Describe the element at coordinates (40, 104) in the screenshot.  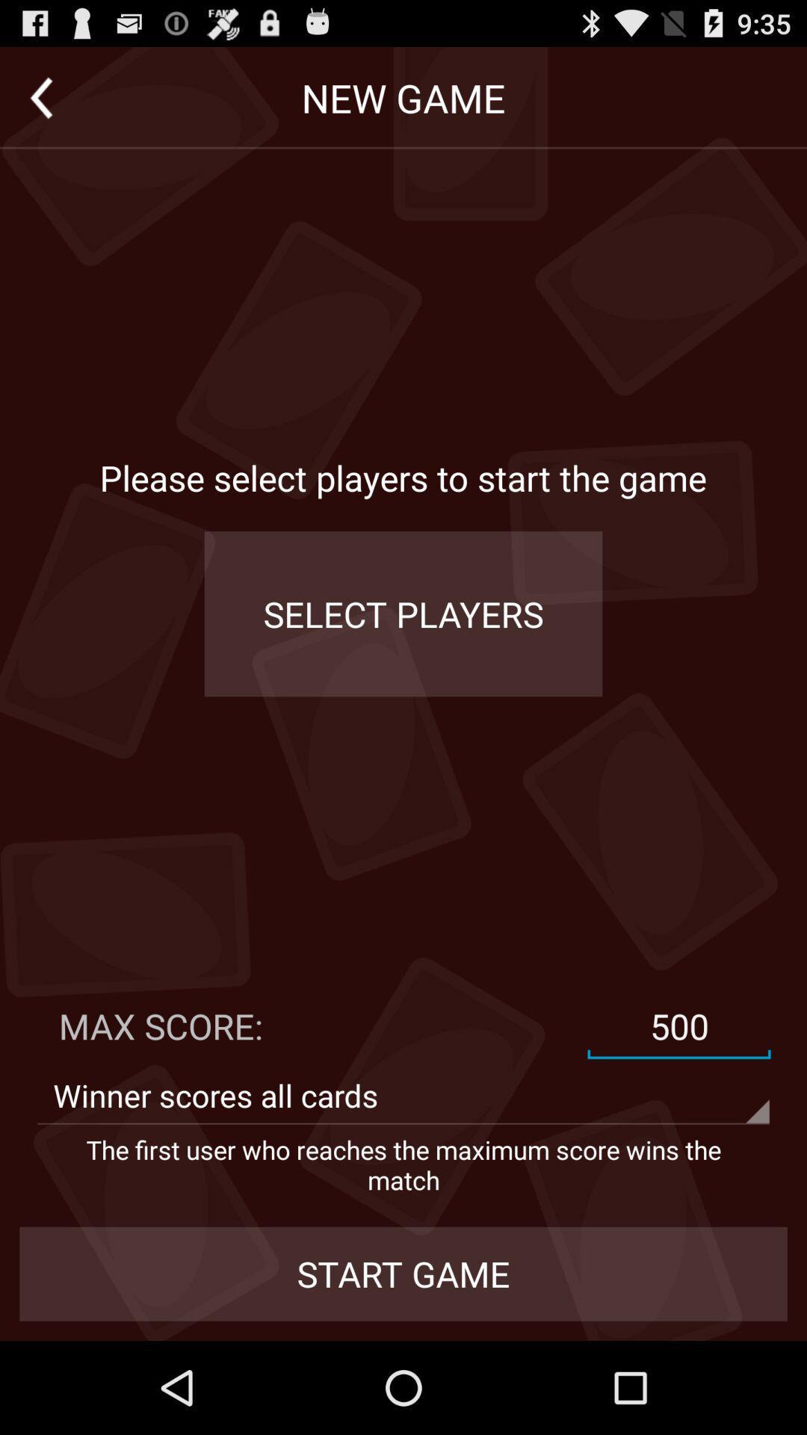
I see `the arrow_backward icon` at that location.